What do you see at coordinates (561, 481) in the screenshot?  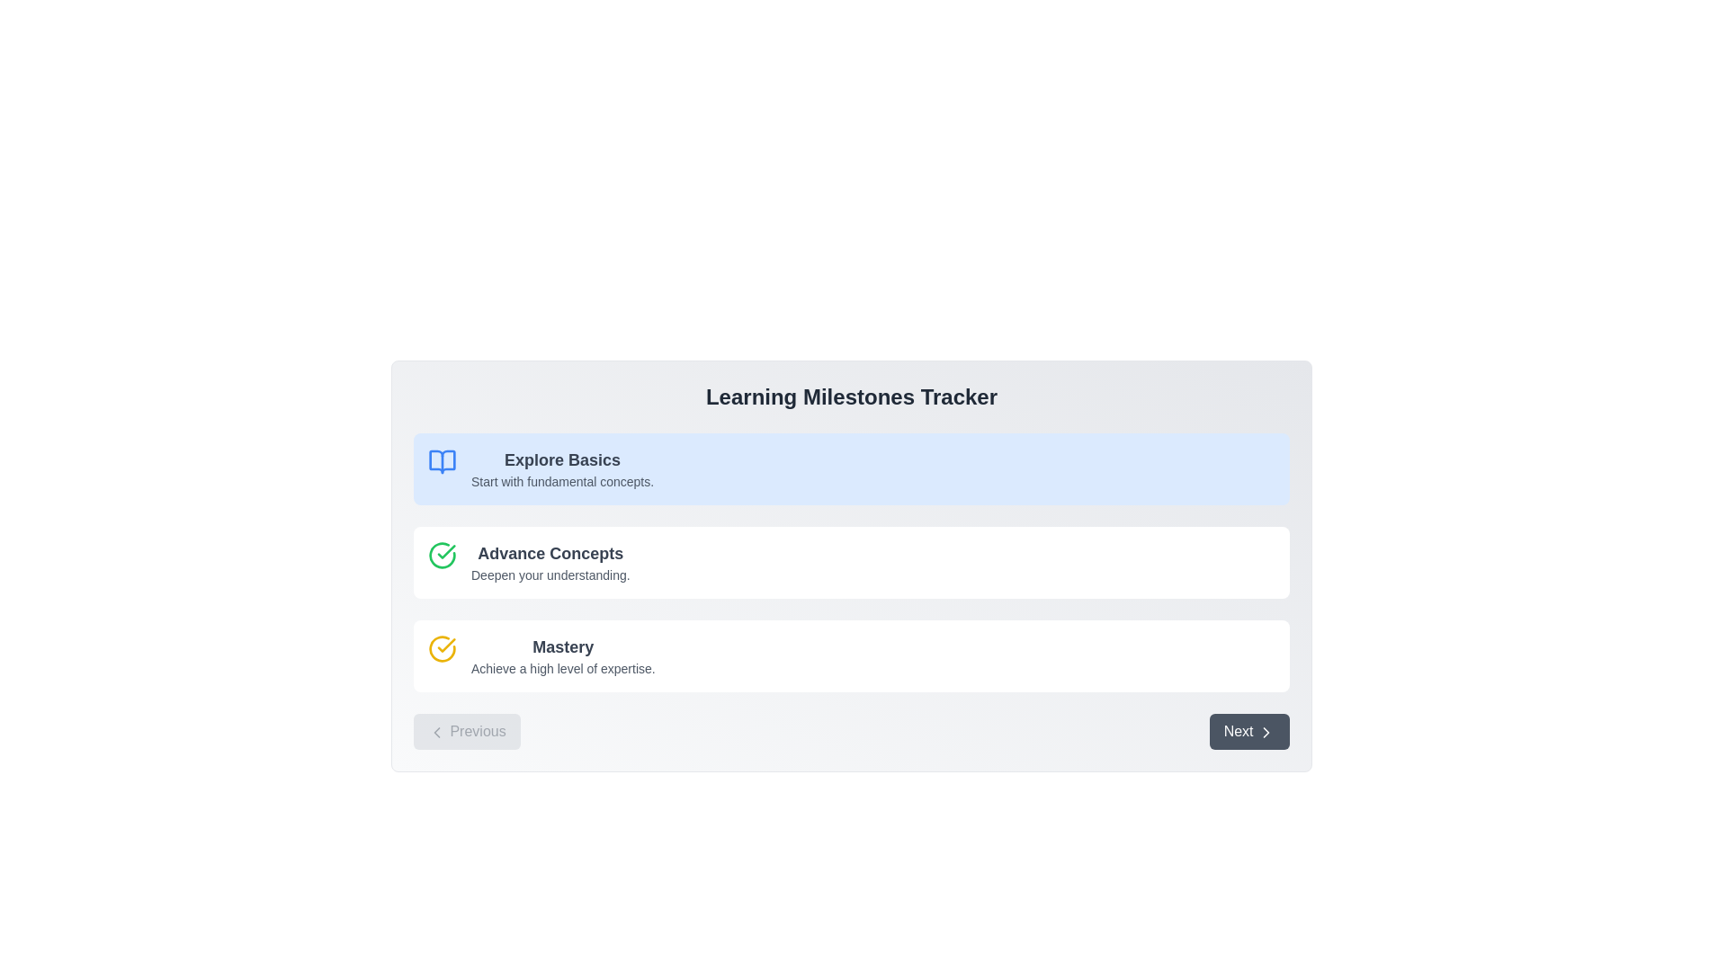 I see `the descriptive text element located below 'Explore Basics' within the light blue background section` at bounding box center [561, 481].